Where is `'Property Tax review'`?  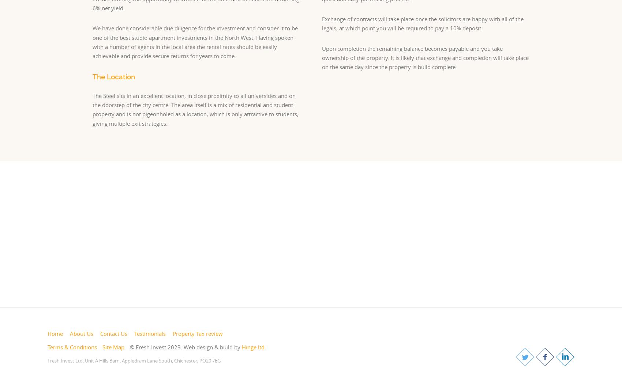 'Property Tax review' is located at coordinates (197, 333).